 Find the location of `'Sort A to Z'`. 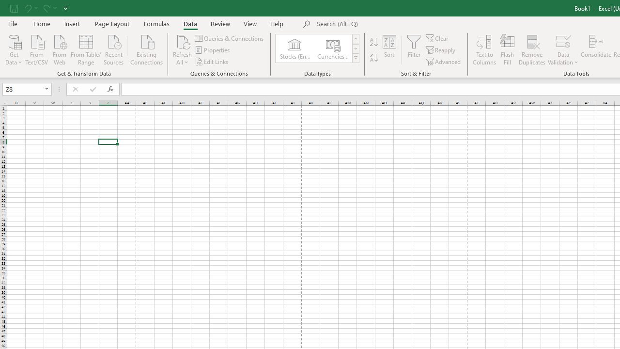

'Sort A to Z' is located at coordinates (373, 42).